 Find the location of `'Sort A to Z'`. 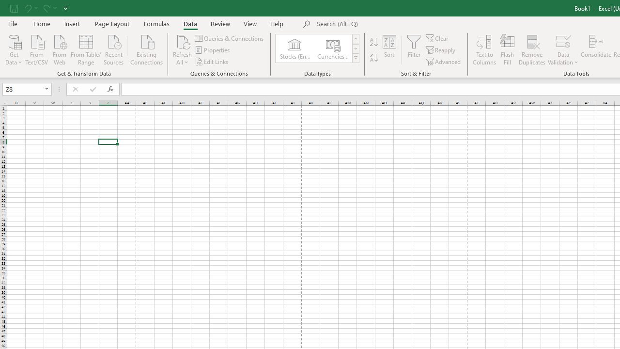

'Sort A to Z' is located at coordinates (373, 42).